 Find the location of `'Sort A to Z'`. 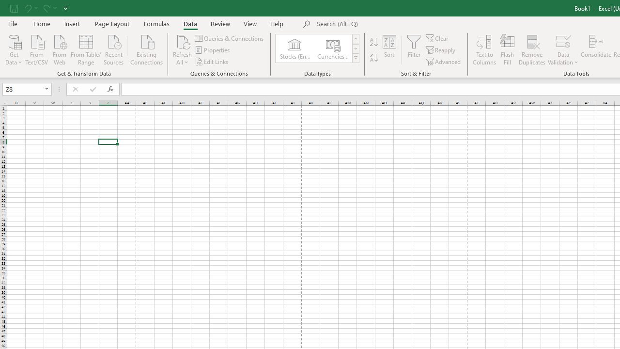

'Sort A to Z' is located at coordinates (373, 42).